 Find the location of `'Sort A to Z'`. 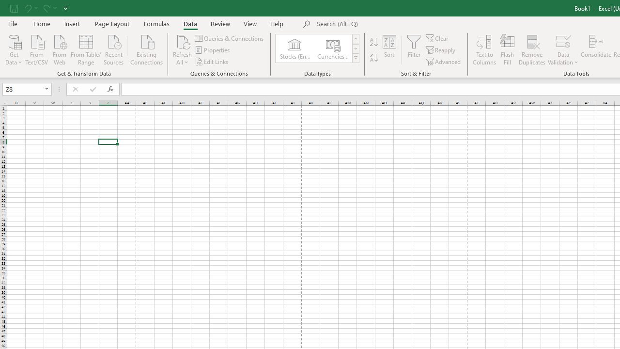

'Sort A to Z' is located at coordinates (373, 42).